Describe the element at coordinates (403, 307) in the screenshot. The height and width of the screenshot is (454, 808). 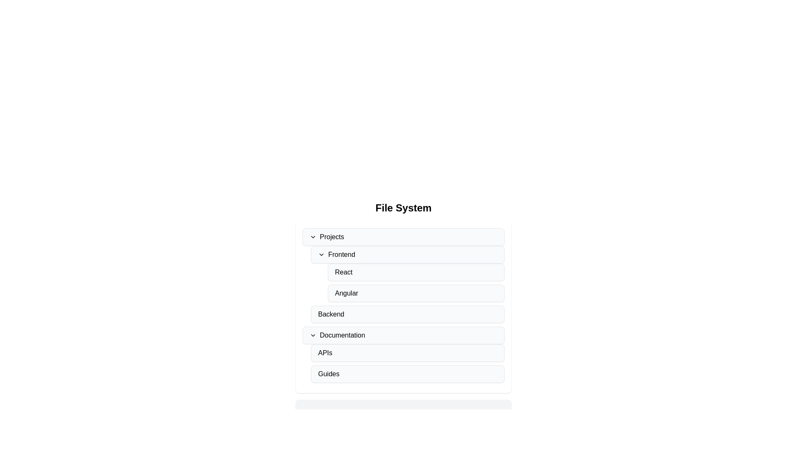
I see `the 'Backend' category item within the file system layout` at that location.